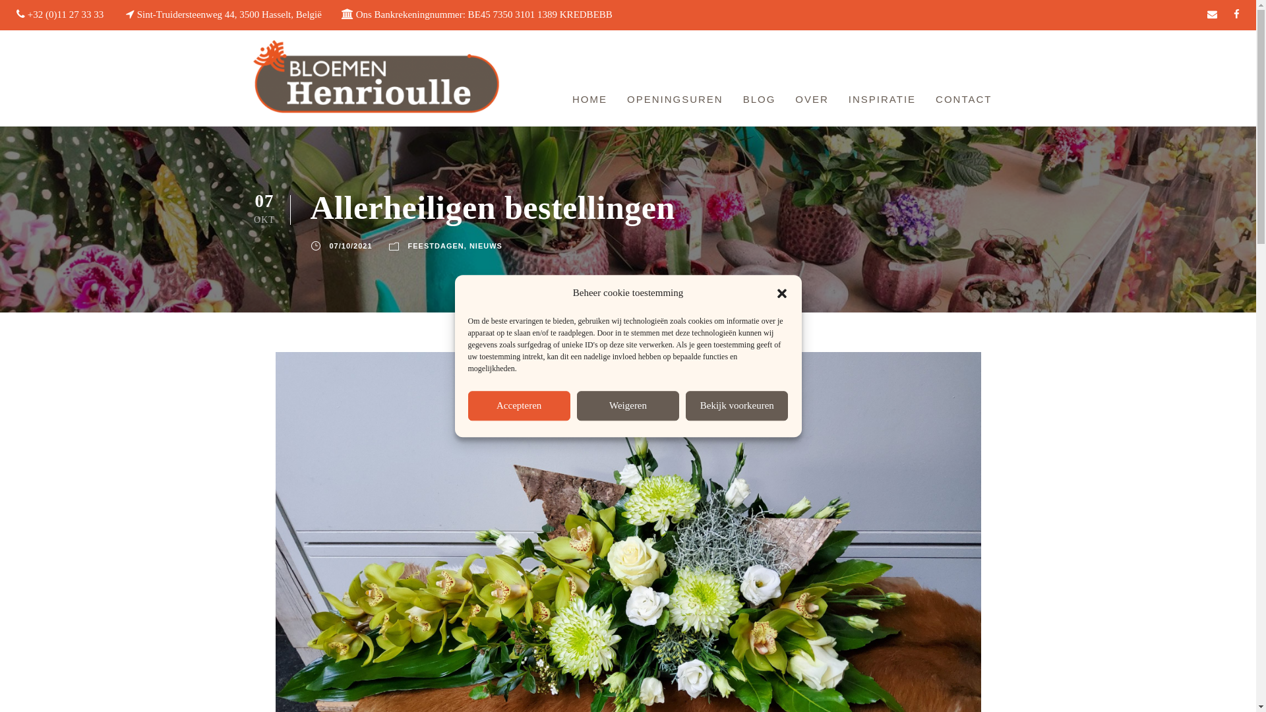  Describe the element at coordinates (1212, 15) in the screenshot. I see `'email'` at that location.